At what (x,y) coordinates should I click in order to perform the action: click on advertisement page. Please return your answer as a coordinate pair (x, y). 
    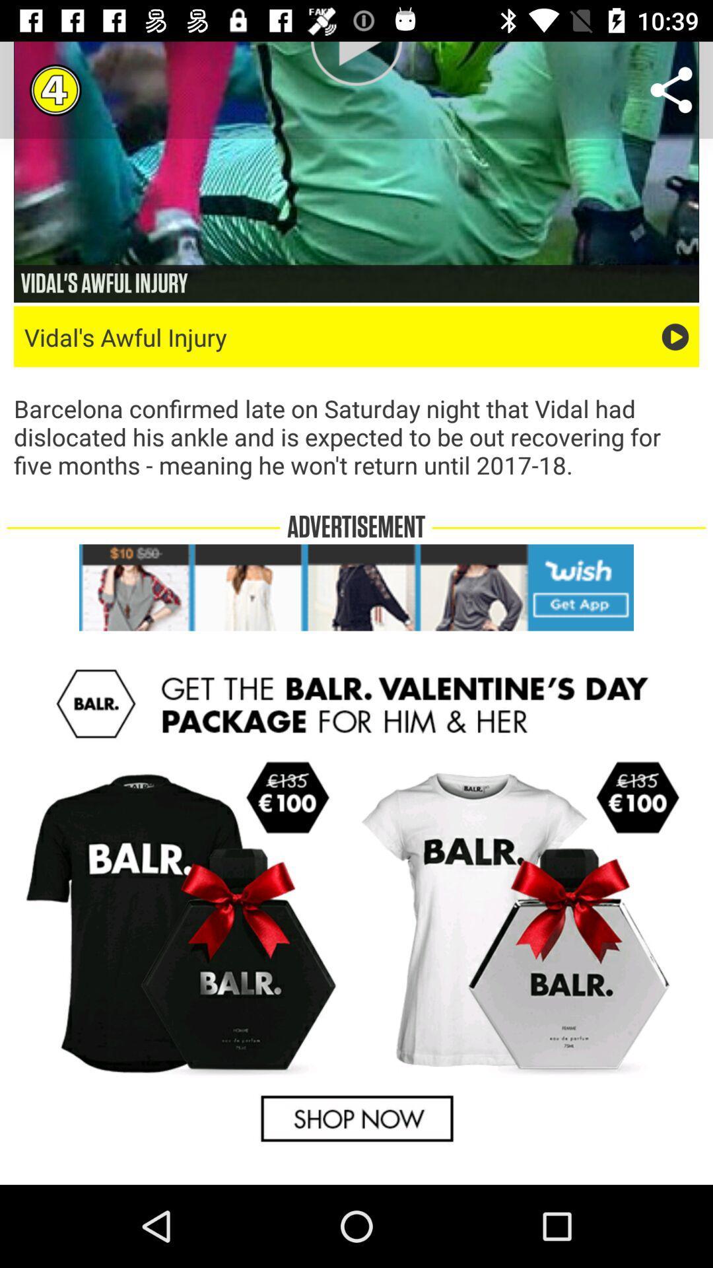
    Looking at the image, I should click on (356, 905).